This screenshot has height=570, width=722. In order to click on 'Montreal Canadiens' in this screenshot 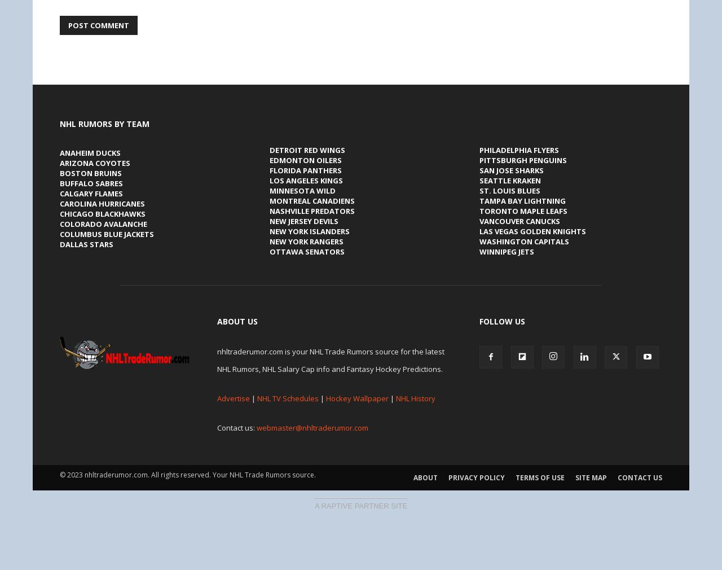, I will do `click(312, 200)`.